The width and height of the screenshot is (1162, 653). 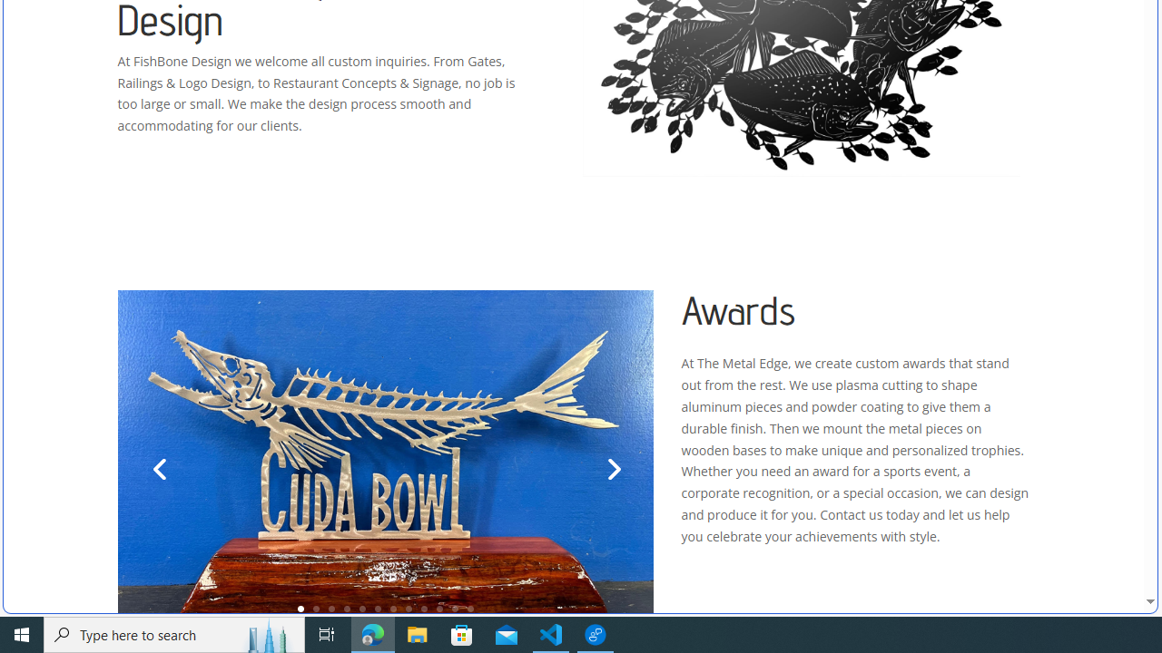 I want to click on '2', so click(x=316, y=609).